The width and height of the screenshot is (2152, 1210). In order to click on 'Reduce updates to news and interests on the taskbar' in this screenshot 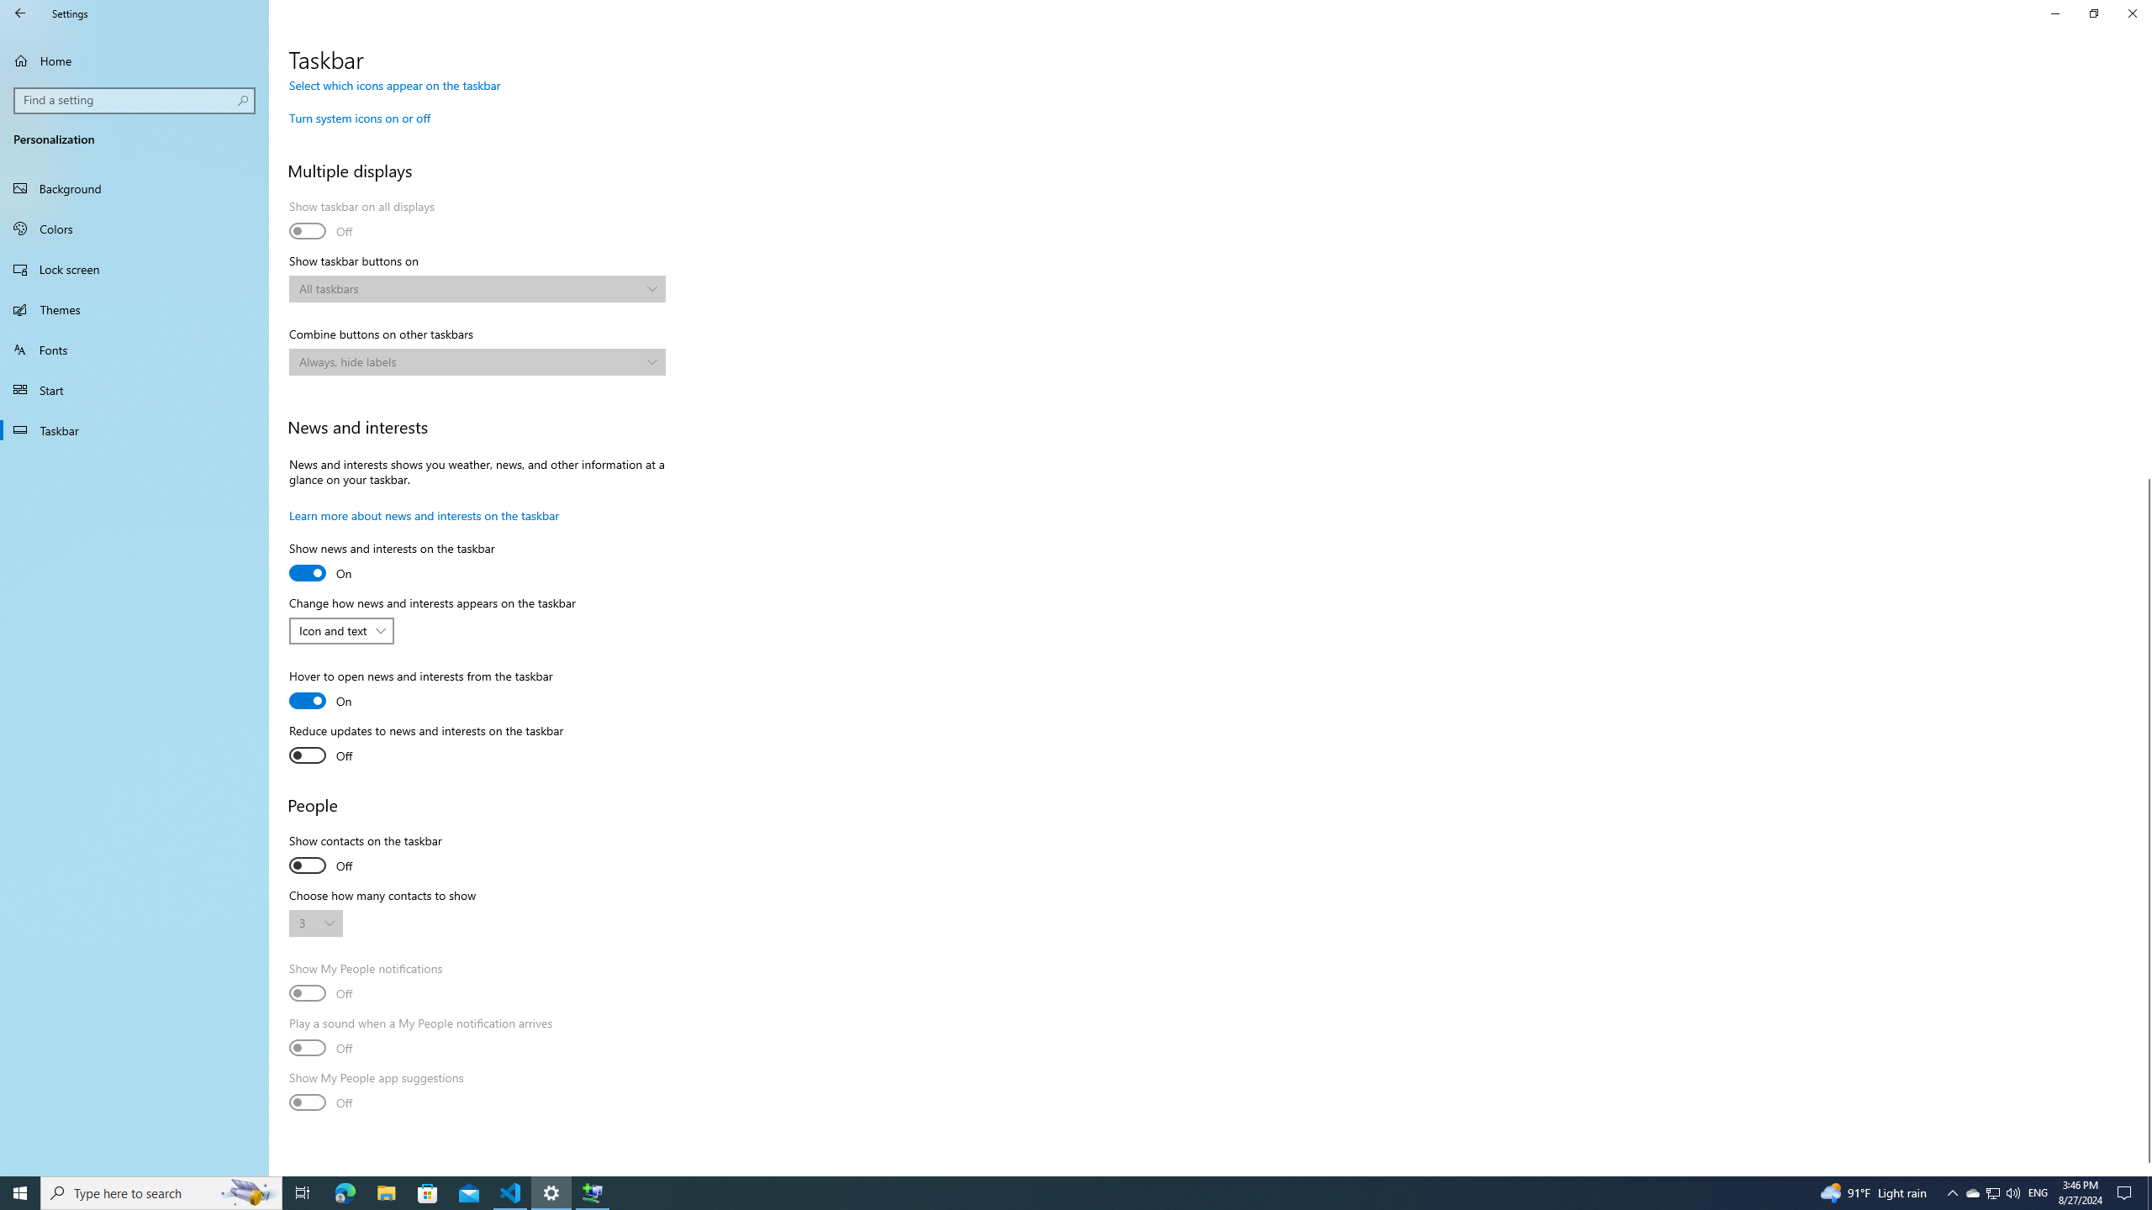, I will do `click(425, 744)`.